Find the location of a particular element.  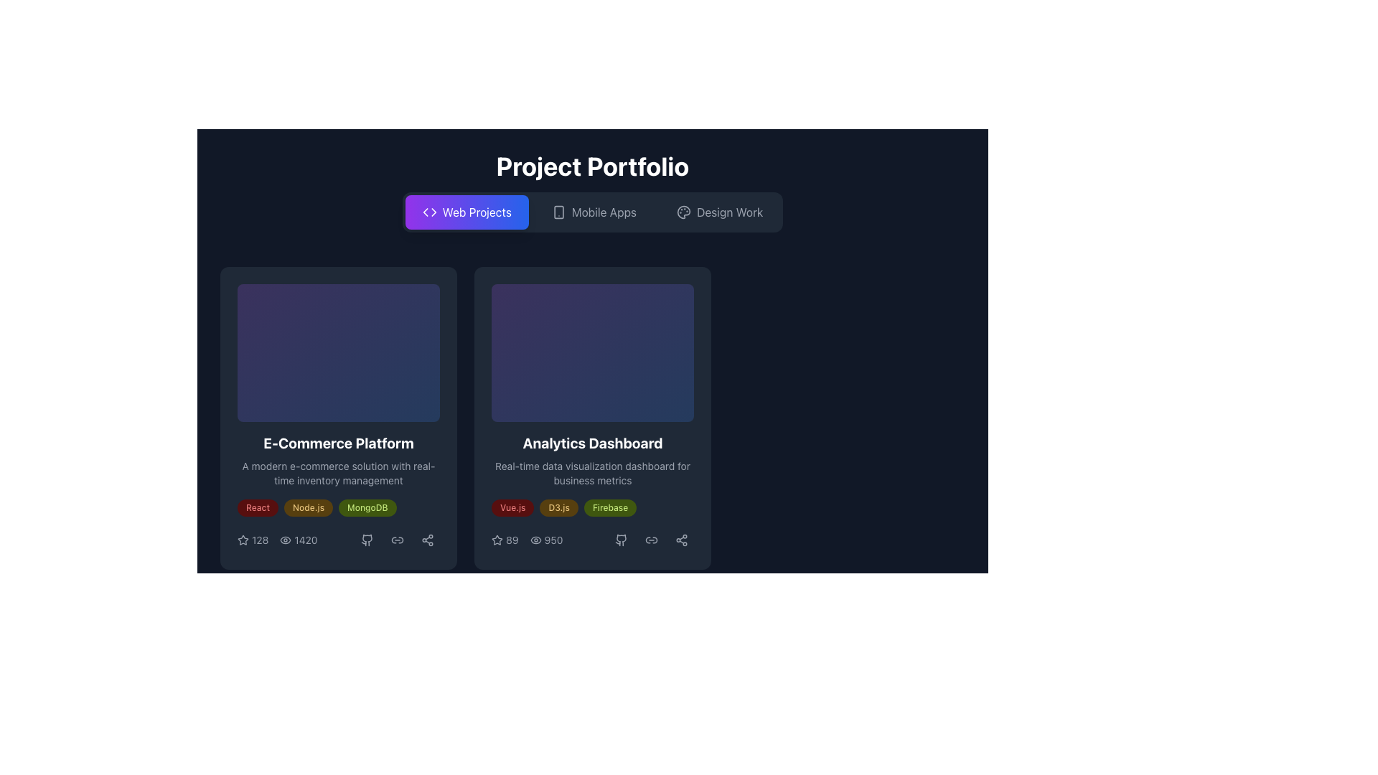

the second icon in the horizontal row, which resembles a chain link is located at coordinates (397, 540).